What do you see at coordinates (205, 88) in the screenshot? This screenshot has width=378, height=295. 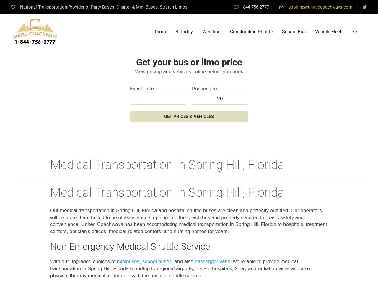 I see `'Passengers'` at bounding box center [205, 88].